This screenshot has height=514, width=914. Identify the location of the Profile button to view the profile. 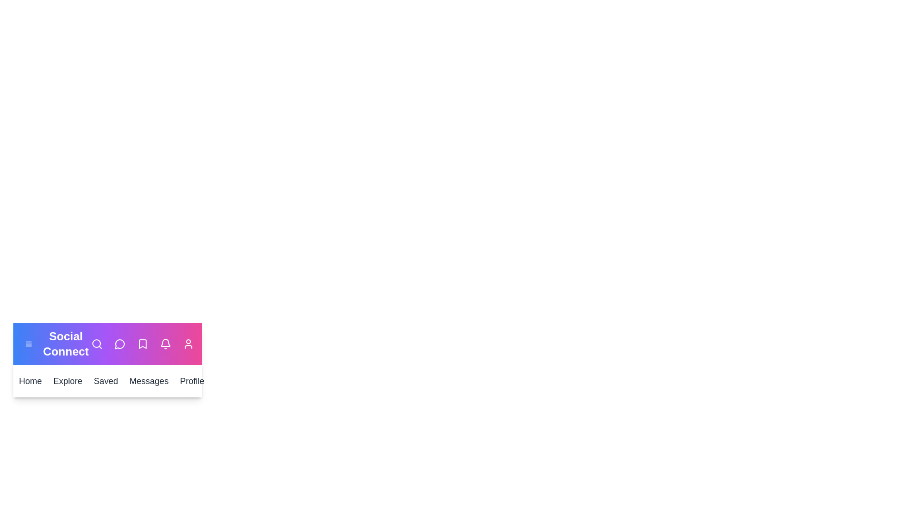
(188, 381).